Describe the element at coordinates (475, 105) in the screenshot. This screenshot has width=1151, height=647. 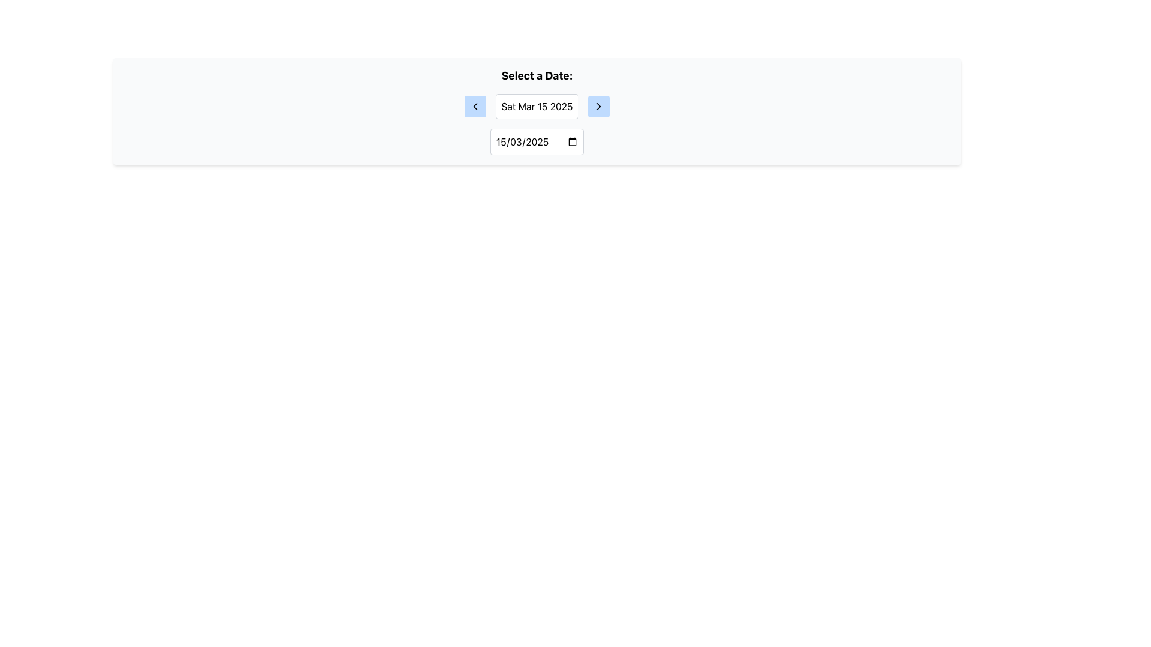
I see `the button containing the backward arrow icon, located to the left of the date label 'Sat Mar 15 2025'` at that location.